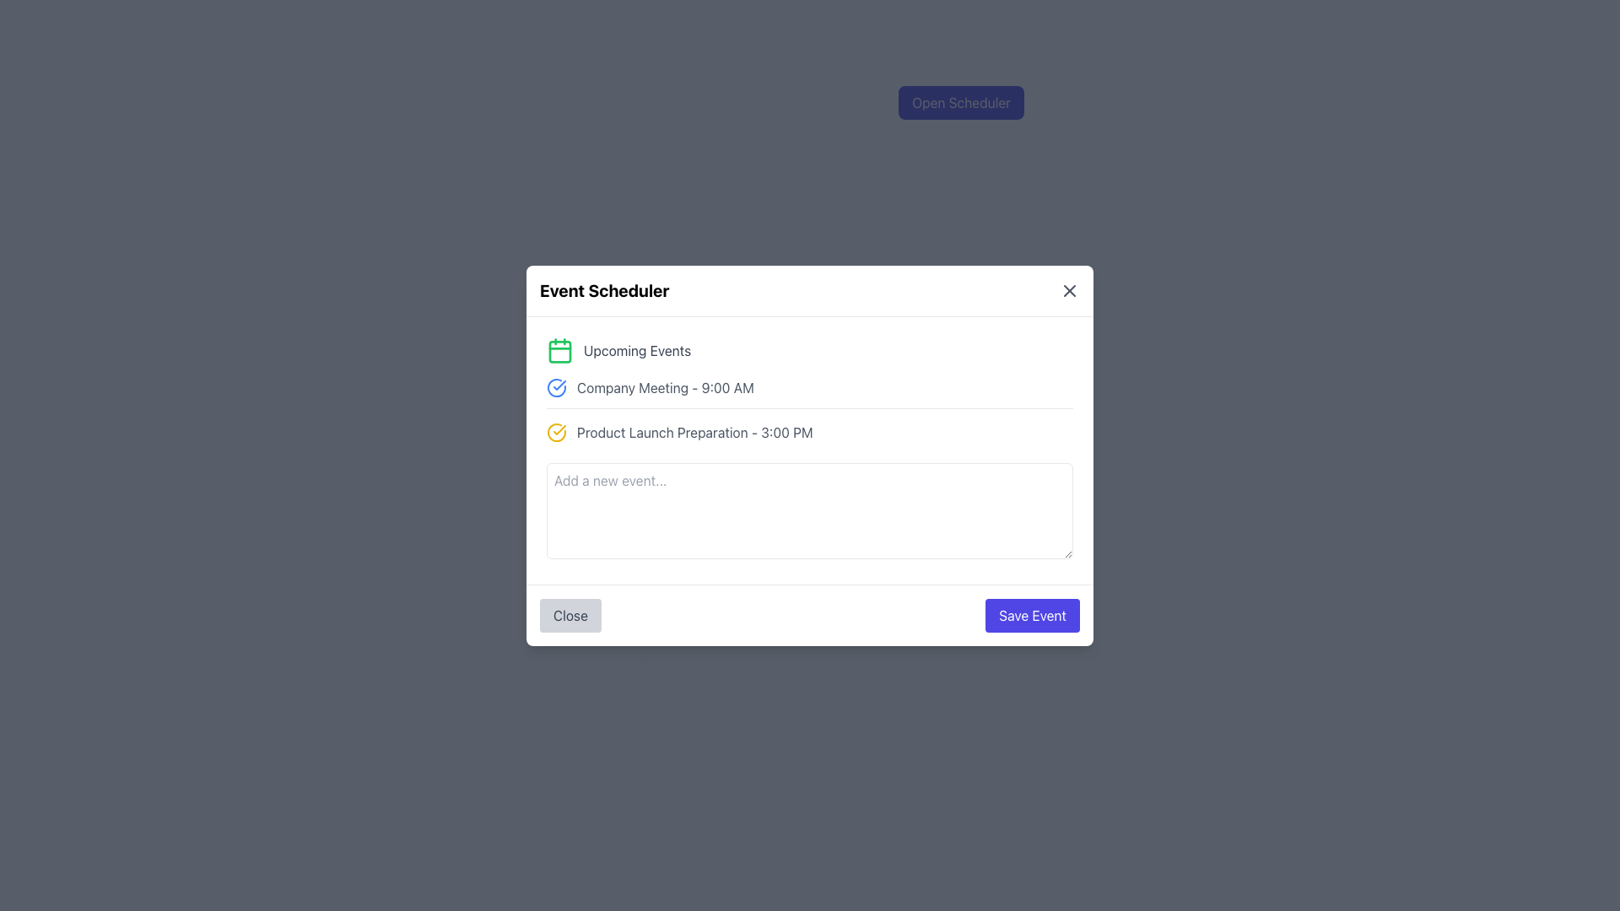 This screenshot has width=1620, height=911. Describe the element at coordinates (557, 431) in the screenshot. I see `the circular icon with a yellow checkmark that is positioned to the left of the text 'Product Launch Preparation - 3:00 PM'` at that location.